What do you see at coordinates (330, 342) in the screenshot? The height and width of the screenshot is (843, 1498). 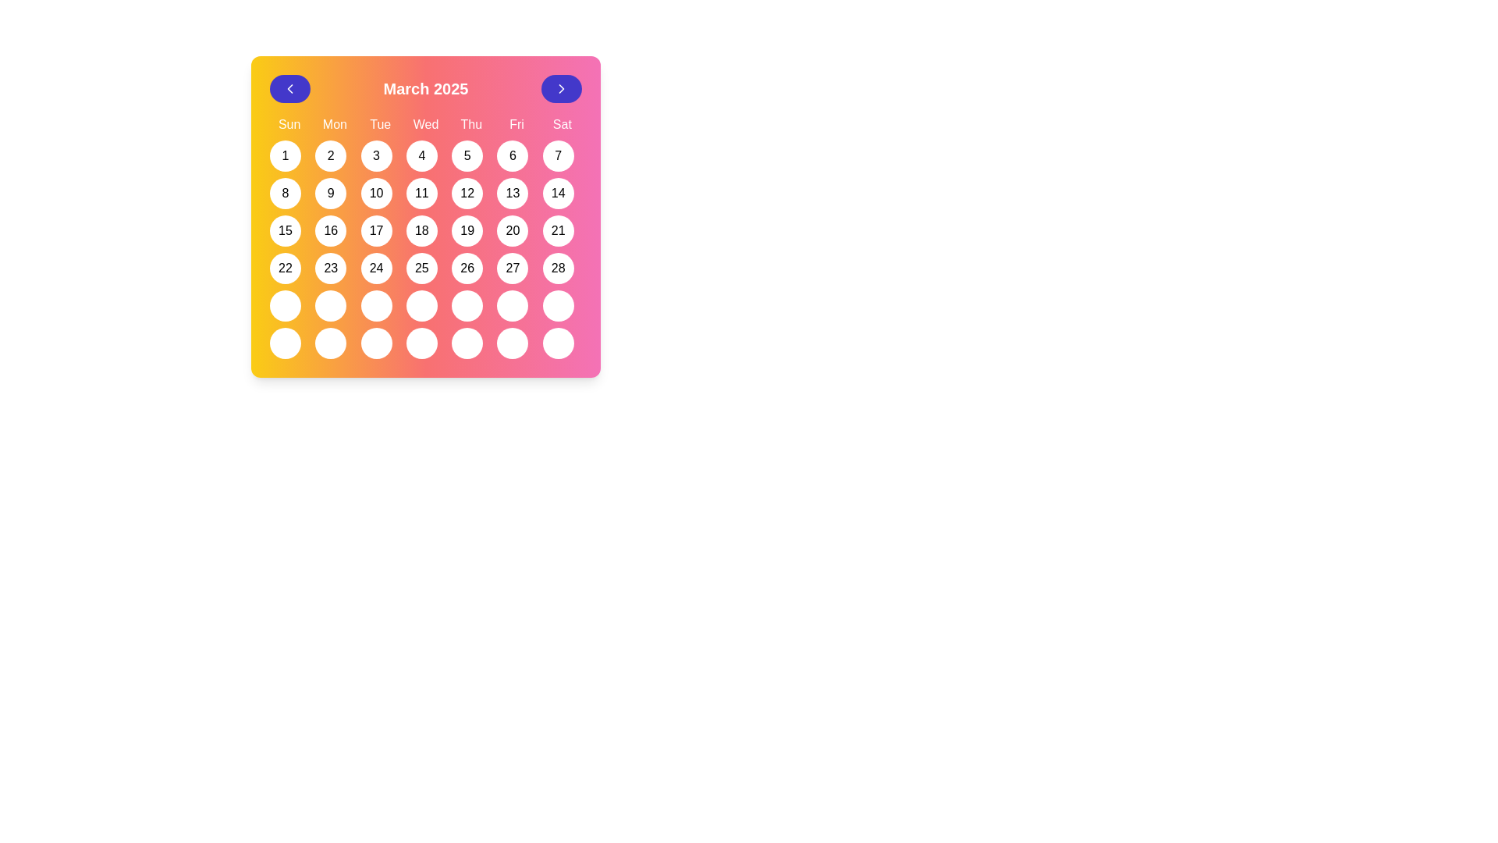 I see `the circular button with a white background located in the sixth row and second column of the calendar grid interface` at bounding box center [330, 342].